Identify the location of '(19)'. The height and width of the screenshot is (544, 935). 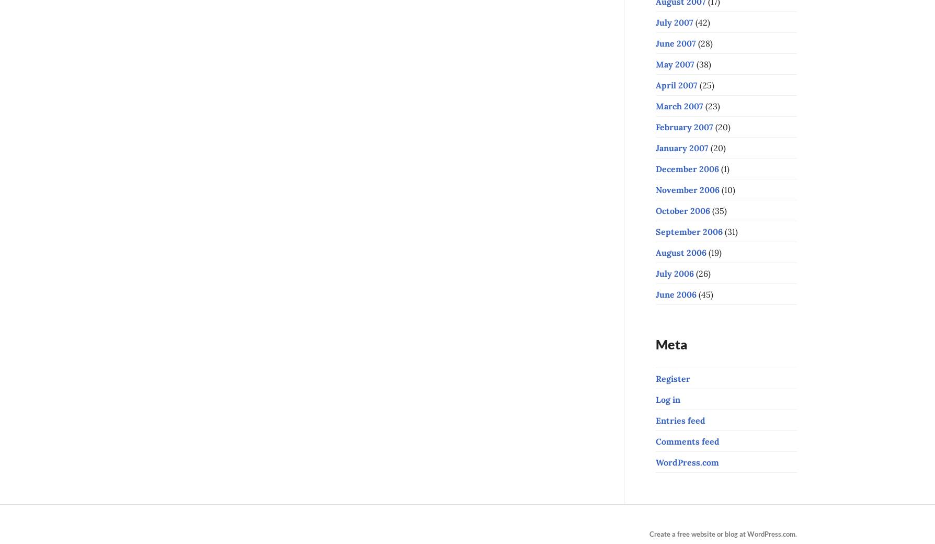
(714, 252).